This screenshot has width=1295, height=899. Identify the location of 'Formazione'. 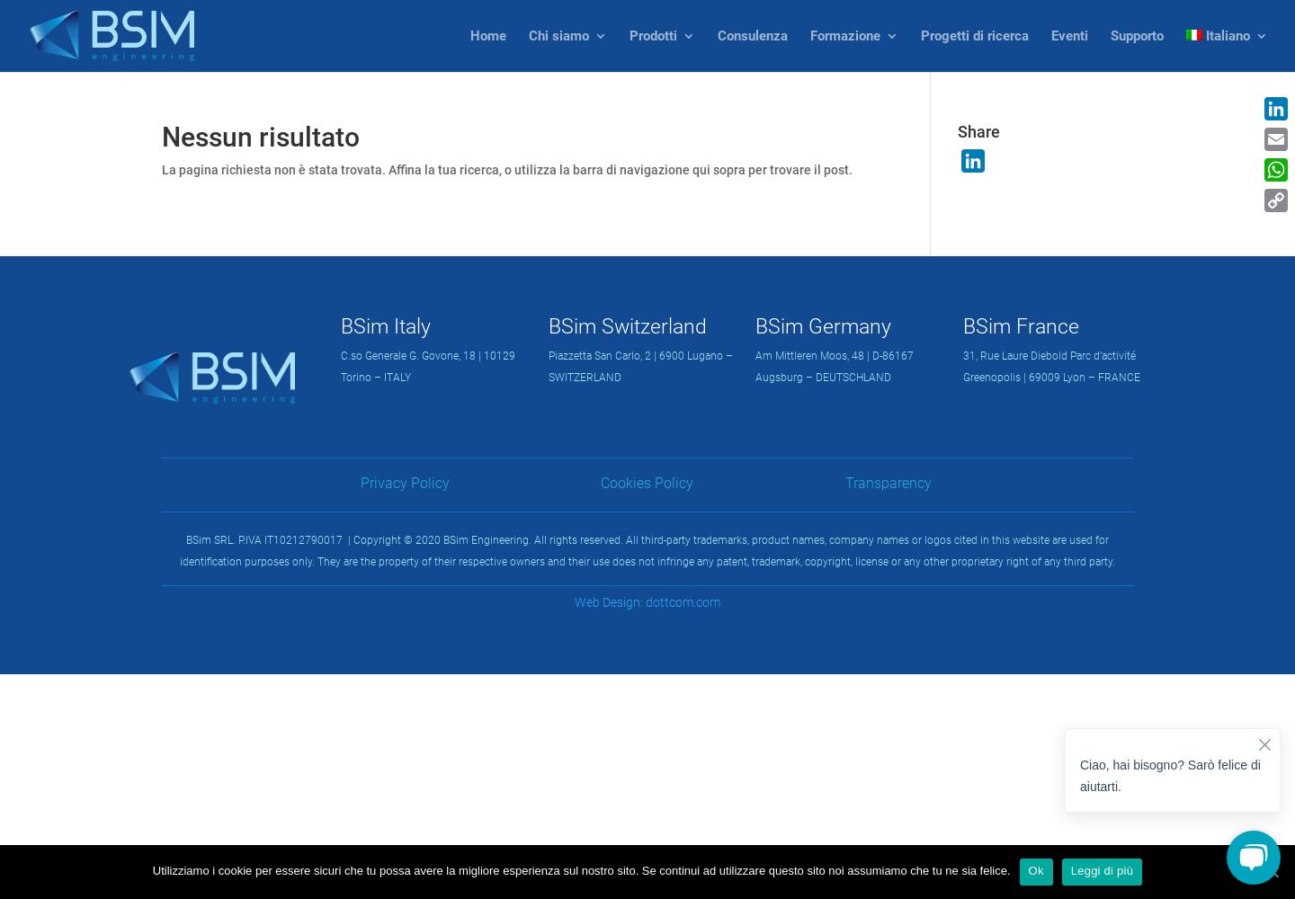
(844, 36).